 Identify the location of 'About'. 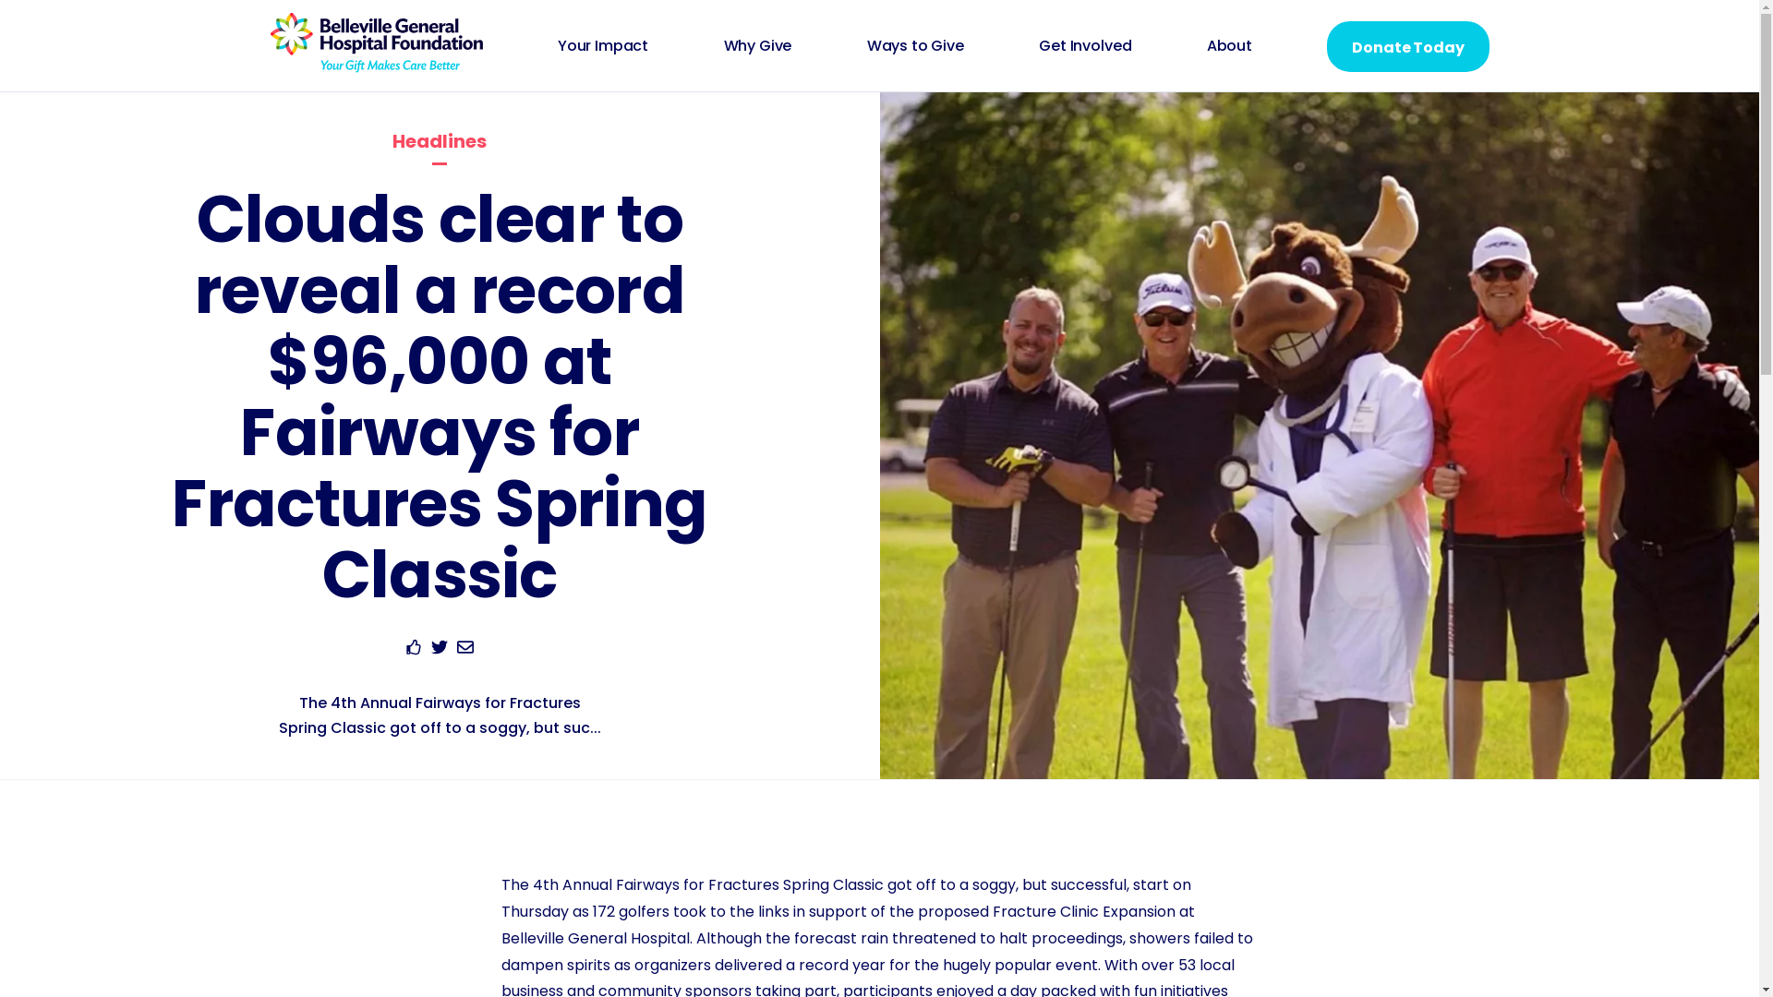
(1229, 44).